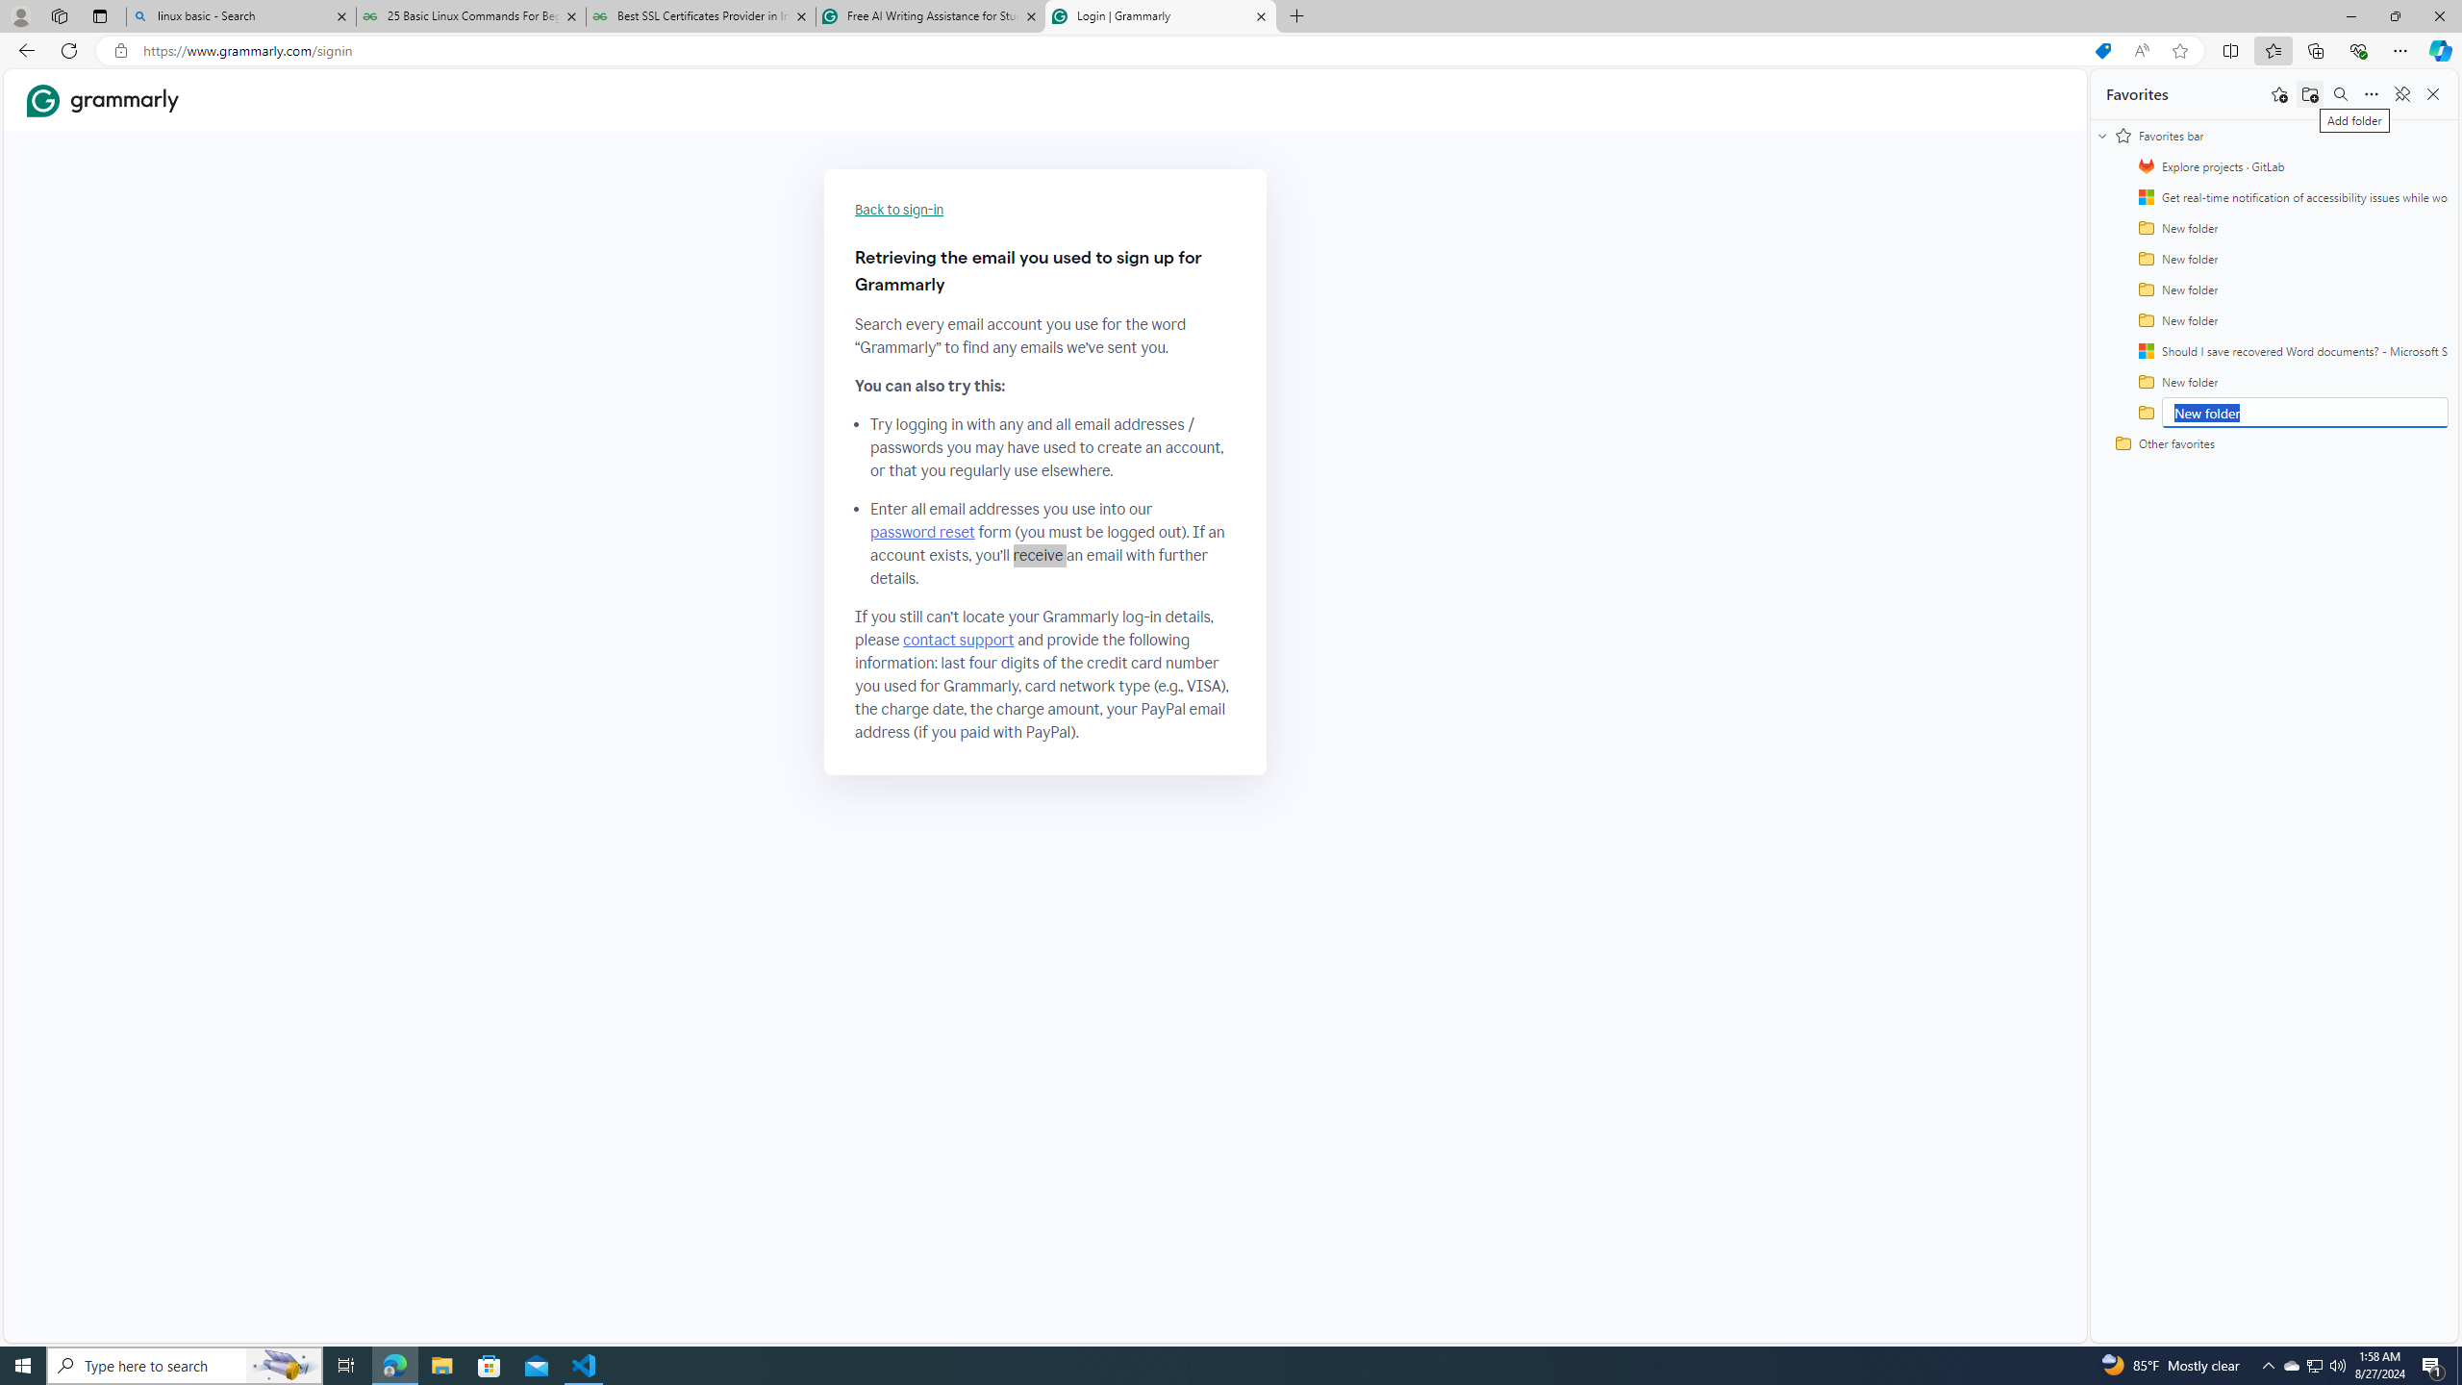 This screenshot has height=1385, width=2462. Describe the element at coordinates (2400, 92) in the screenshot. I see `'Unpin favorites'` at that location.